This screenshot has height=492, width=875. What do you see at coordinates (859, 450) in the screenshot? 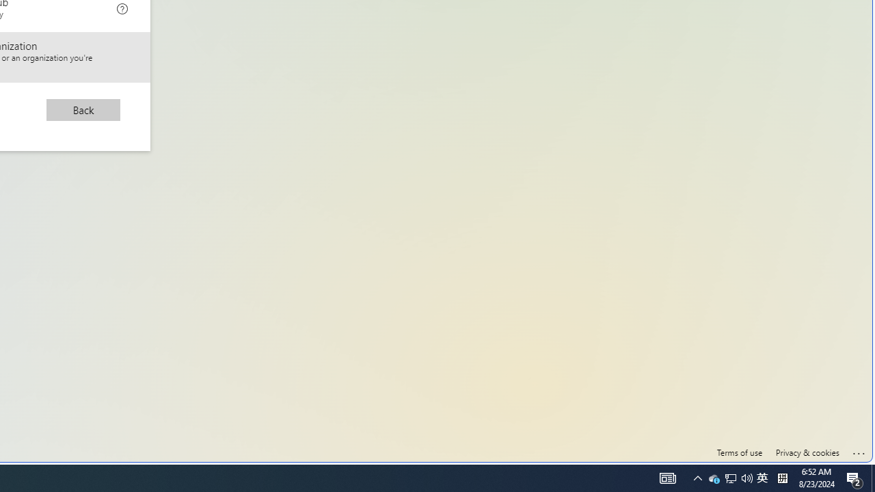
I see `'Click here for troubleshooting information'` at bounding box center [859, 450].